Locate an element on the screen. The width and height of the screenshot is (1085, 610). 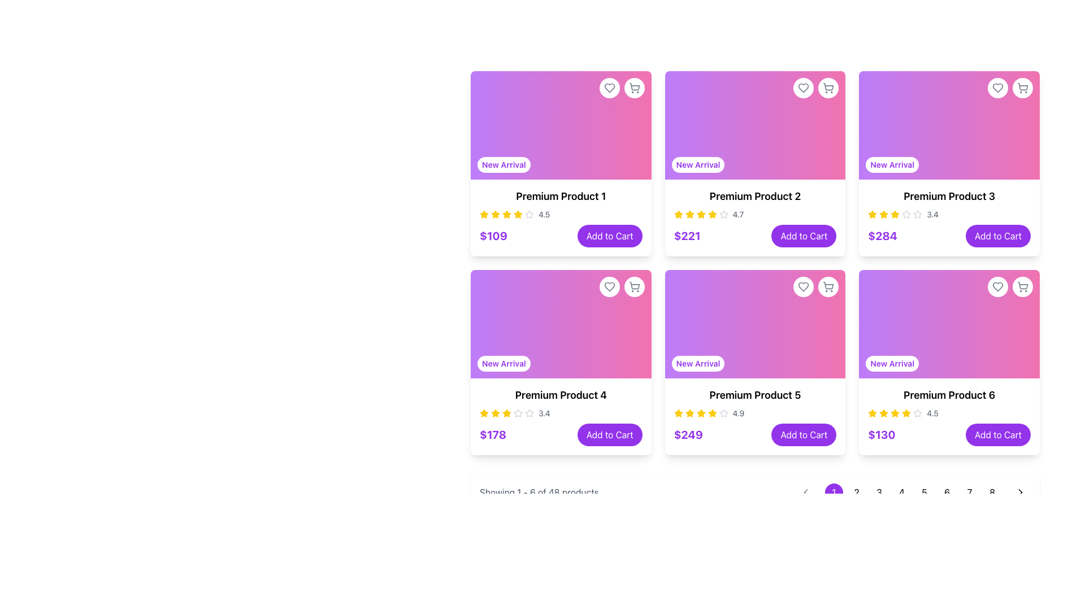
the second pagination button, located between the buttons labeled '1' and '3' is located at coordinates (857, 491).